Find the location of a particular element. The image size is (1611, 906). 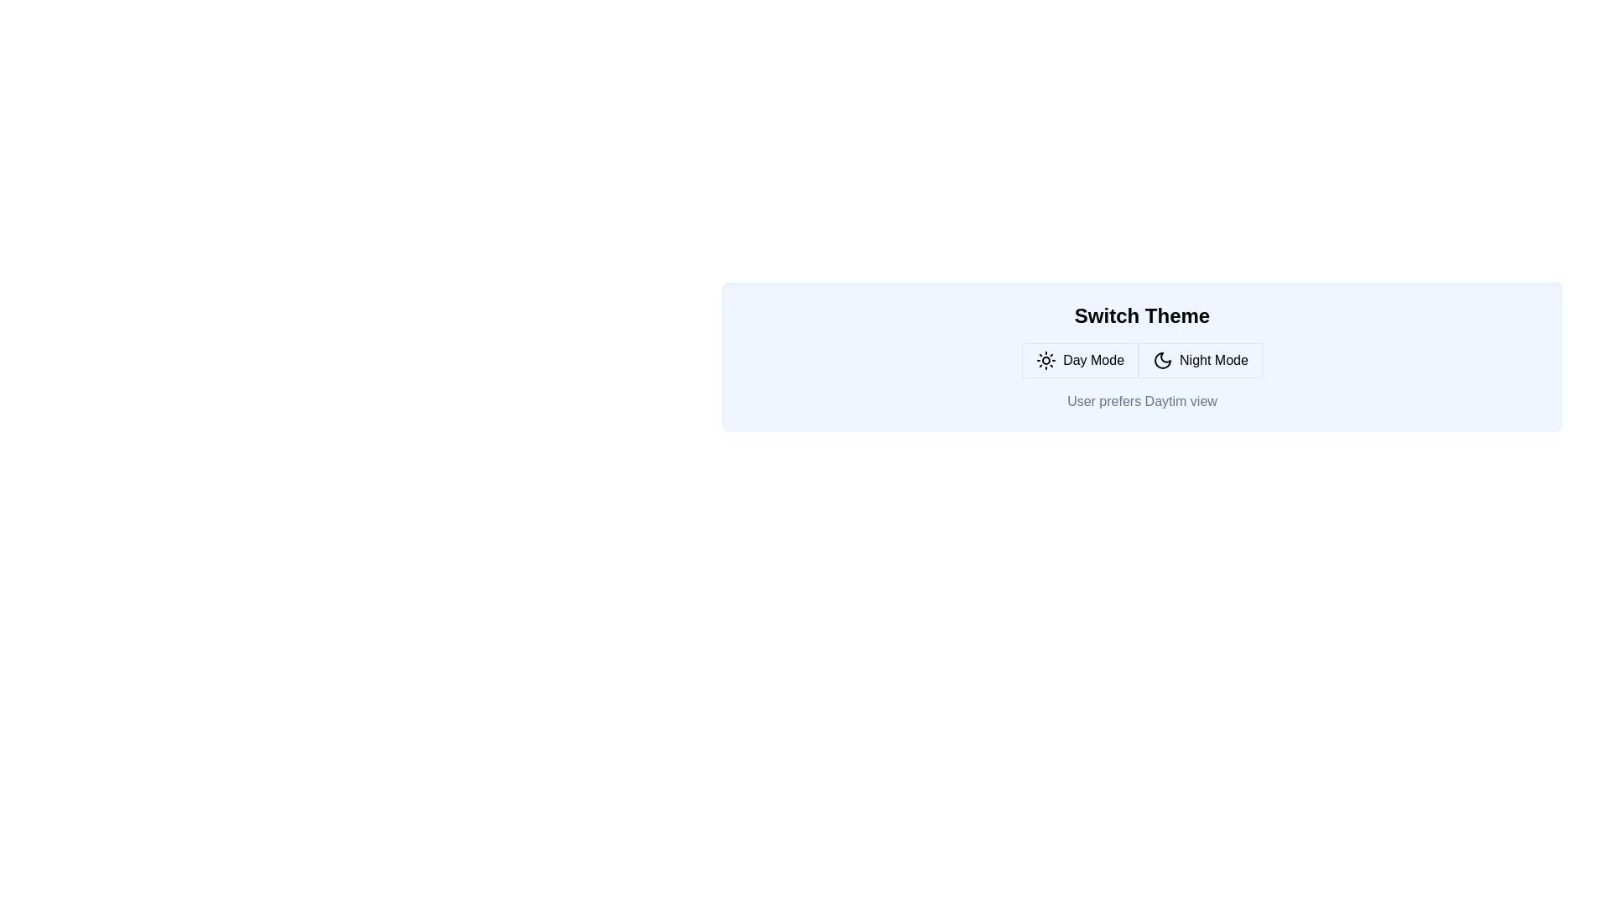

the button corresponding to Day Mode mode is located at coordinates (1080, 359).